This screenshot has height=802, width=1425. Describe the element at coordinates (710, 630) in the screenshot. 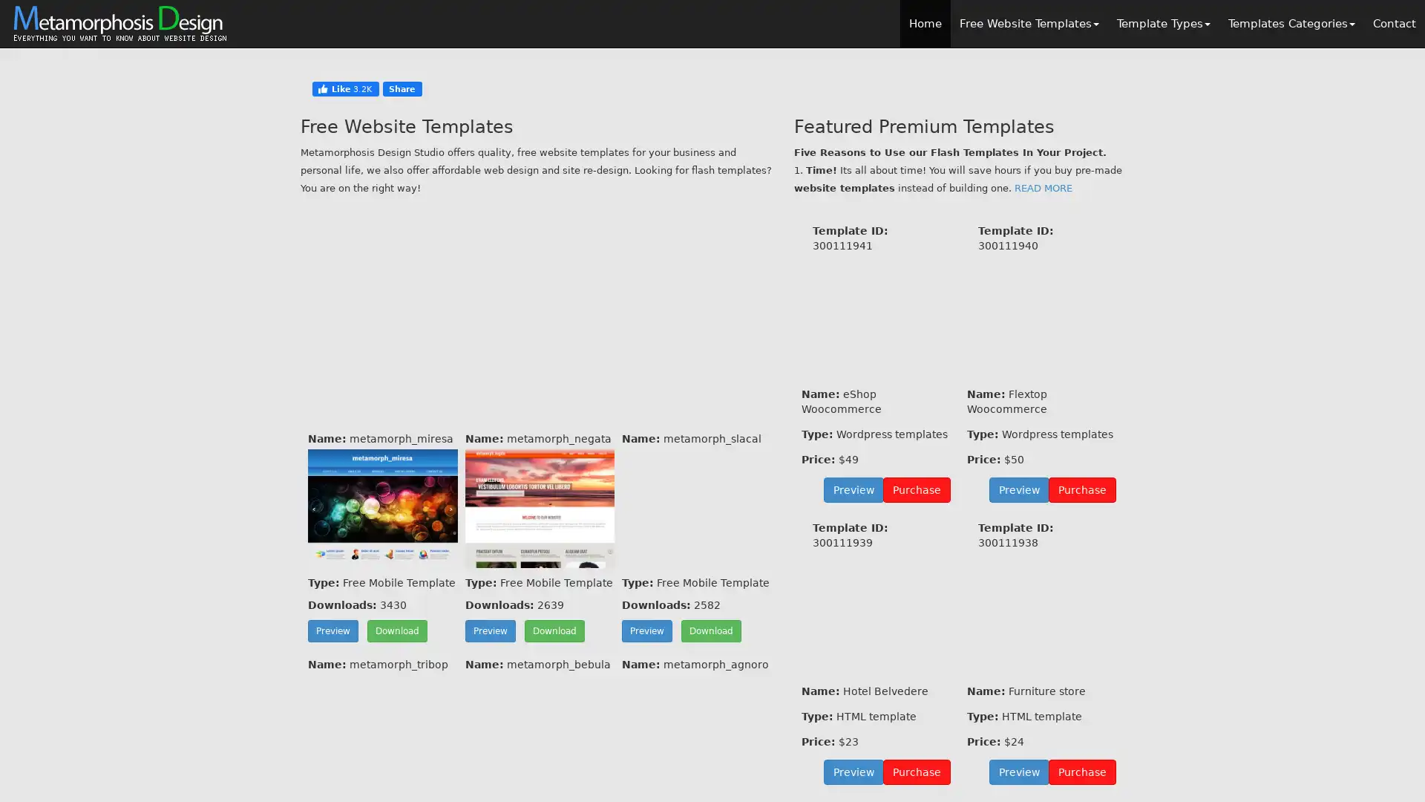

I see `Download` at that location.